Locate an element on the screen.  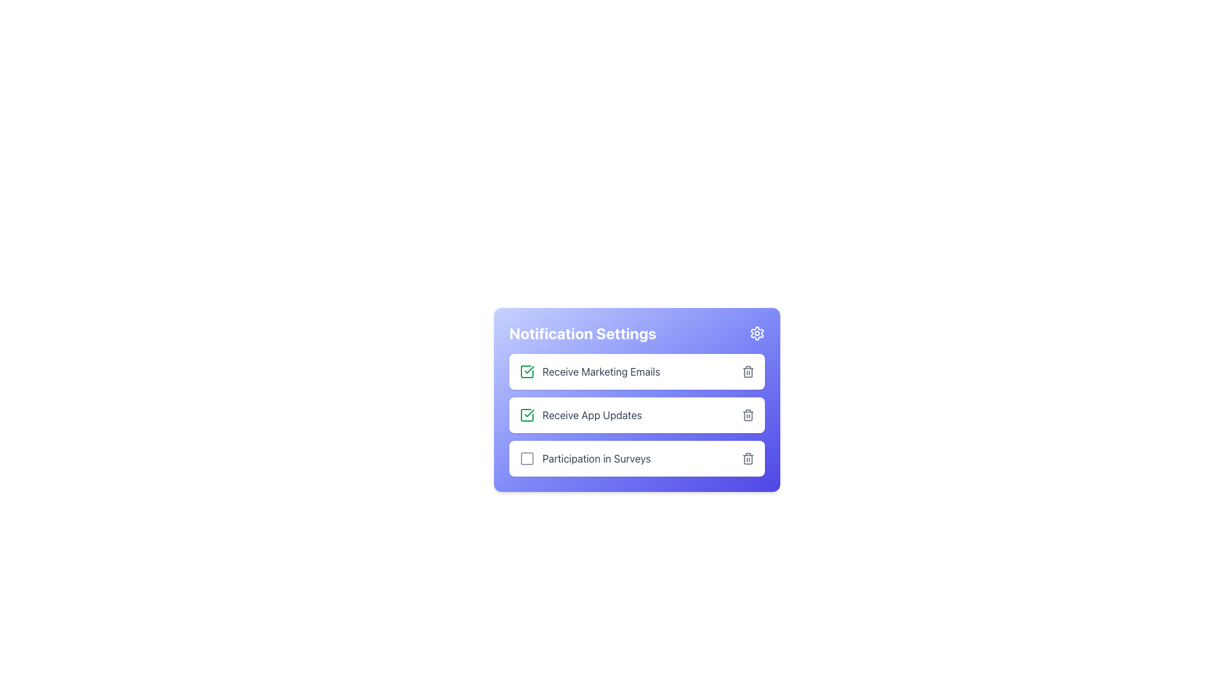
the list item containing the checkbox, label 'Participation in Surveys', and trash can icon is located at coordinates (637, 457).